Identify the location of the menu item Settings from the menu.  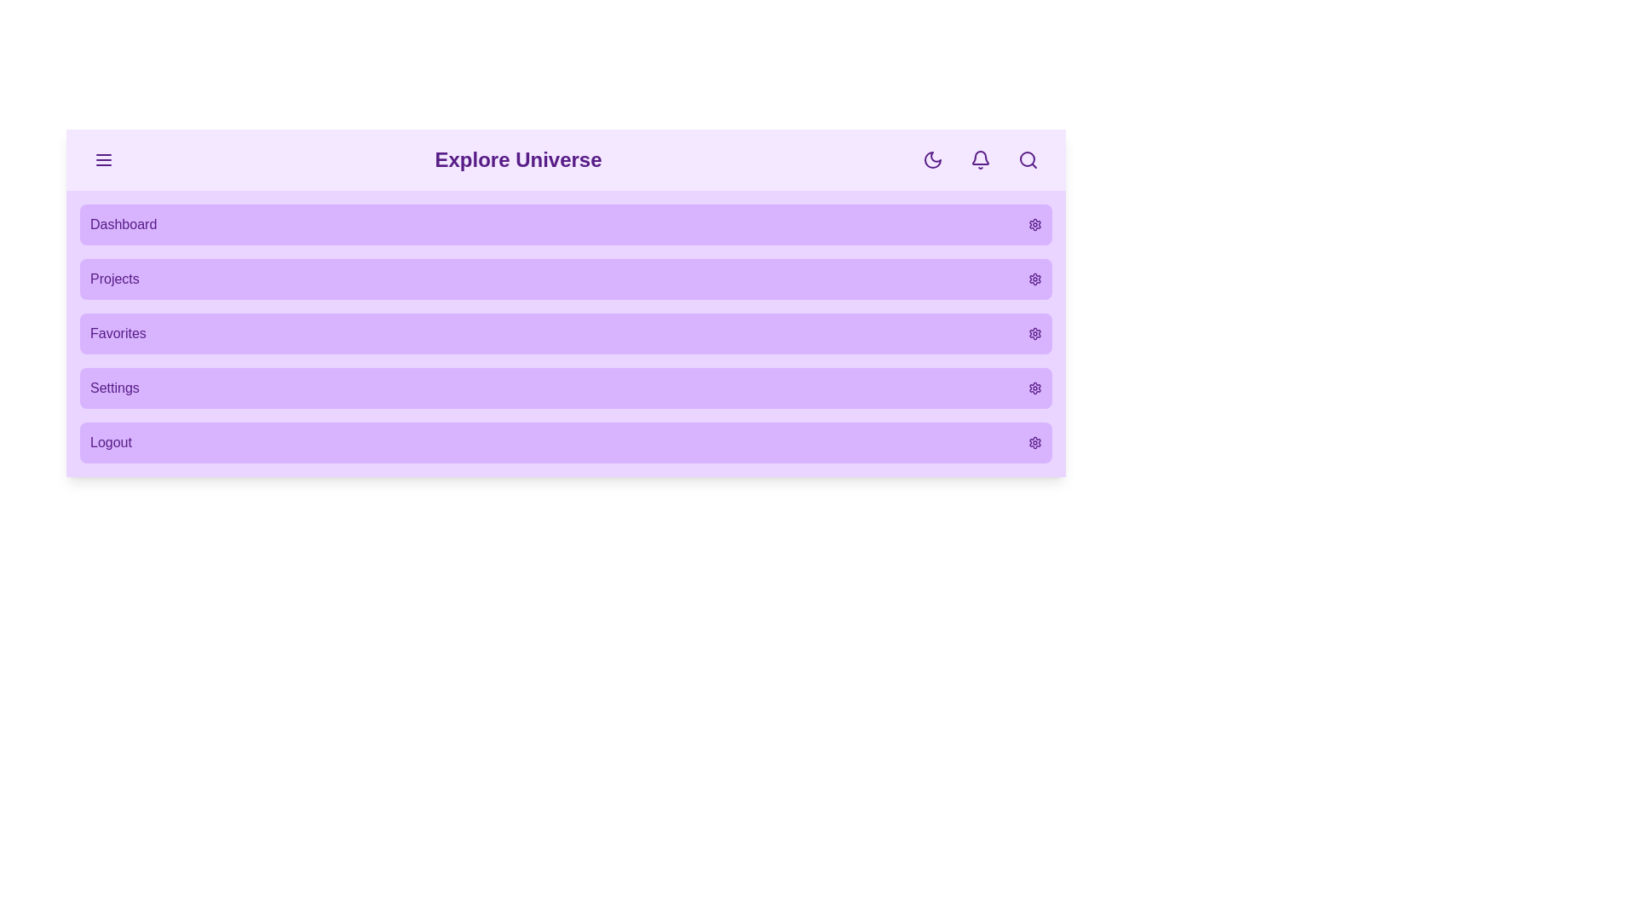
(566, 388).